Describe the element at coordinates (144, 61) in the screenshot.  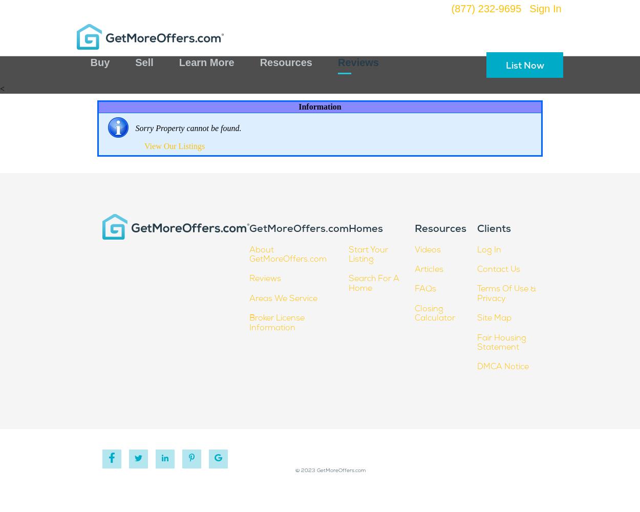
I see `'Sell'` at that location.